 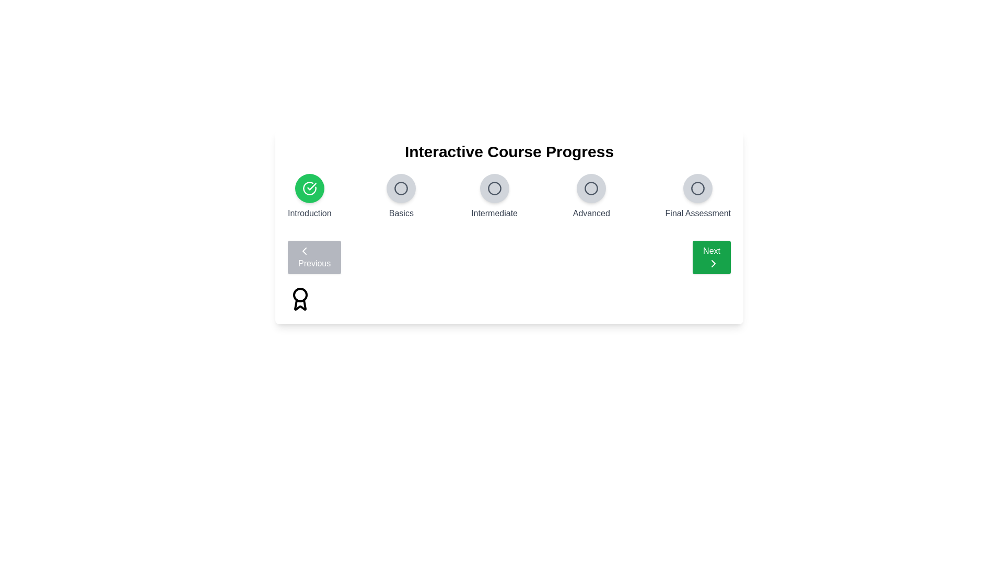 What do you see at coordinates (300, 299) in the screenshot?
I see `the decorative or informative icon representing an award or achievement, located at the bottom-left corner of the course progress card, directly below the 'Previous' button` at bounding box center [300, 299].